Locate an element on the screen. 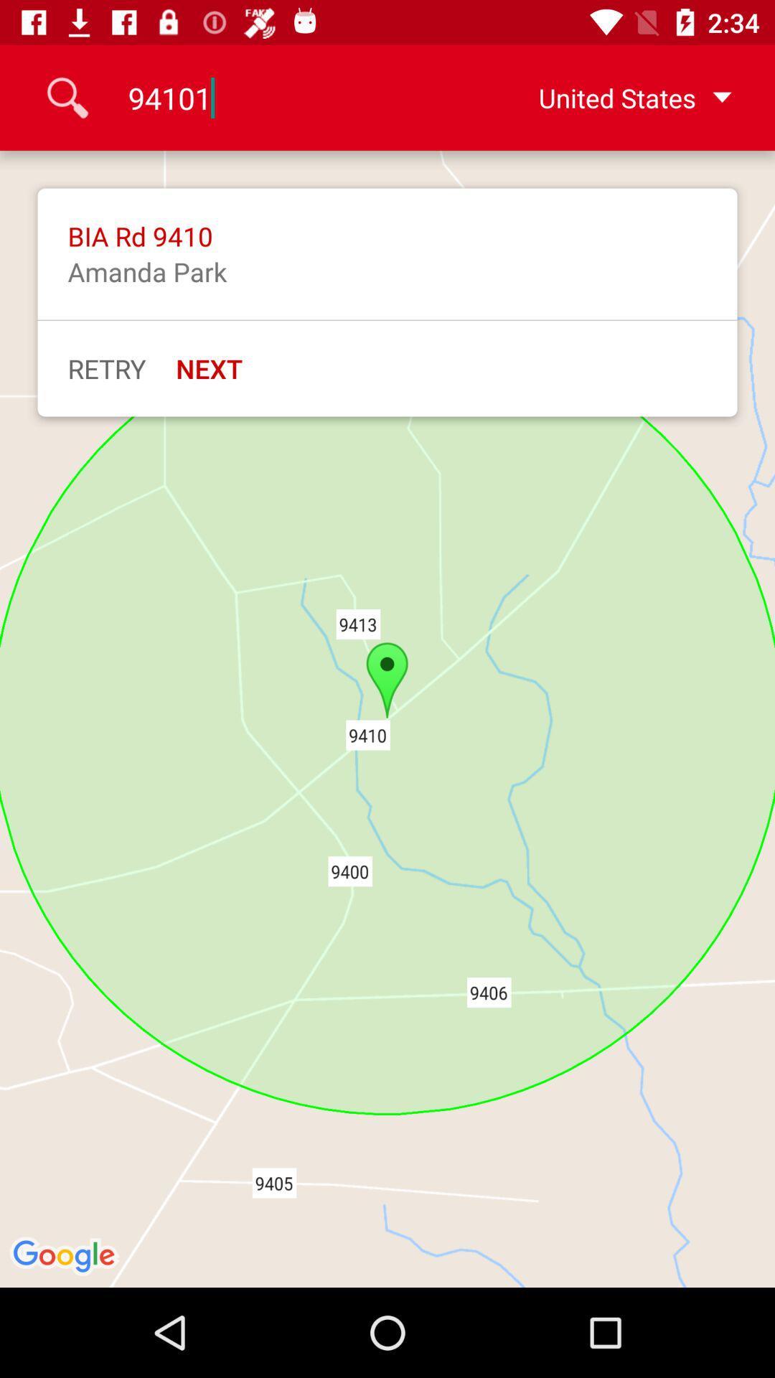 This screenshot has height=1378, width=775. item to the left of united states icon is located at coordinates (292, 97).